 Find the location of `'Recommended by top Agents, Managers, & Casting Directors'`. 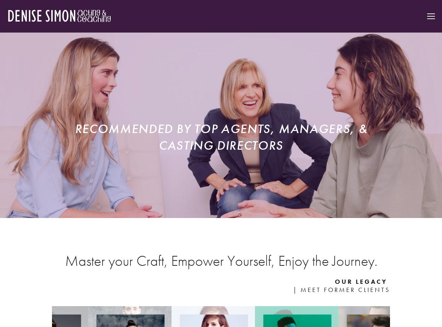

'Recommended by top Agents, Managers, & Casting Directors' is located at coordinates (74, 137).